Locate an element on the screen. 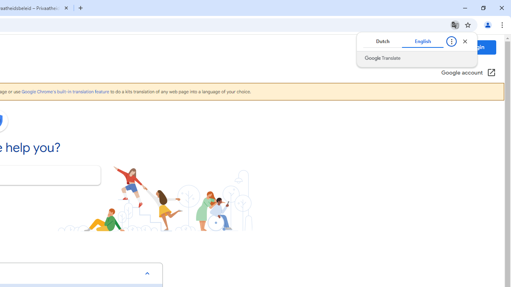  'Google Chrome' is located at coordinates (65, 91).